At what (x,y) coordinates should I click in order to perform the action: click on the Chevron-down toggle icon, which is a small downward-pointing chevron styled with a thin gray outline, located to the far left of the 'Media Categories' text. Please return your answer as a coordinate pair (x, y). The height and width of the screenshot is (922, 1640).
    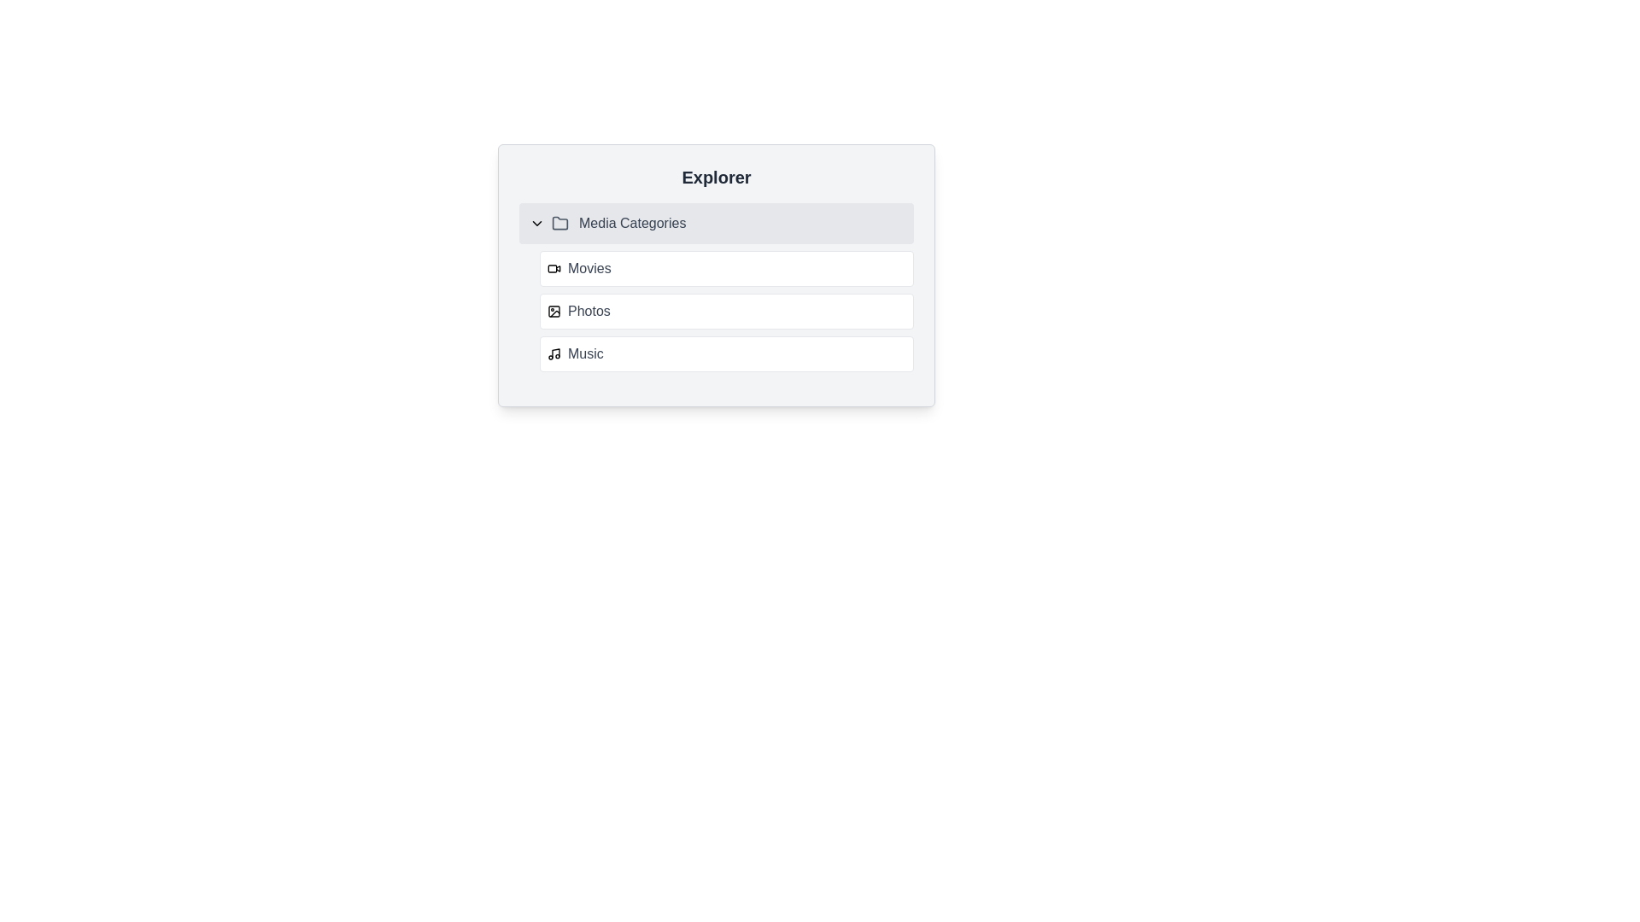
    Looking at the image, I should click on (536, 223).